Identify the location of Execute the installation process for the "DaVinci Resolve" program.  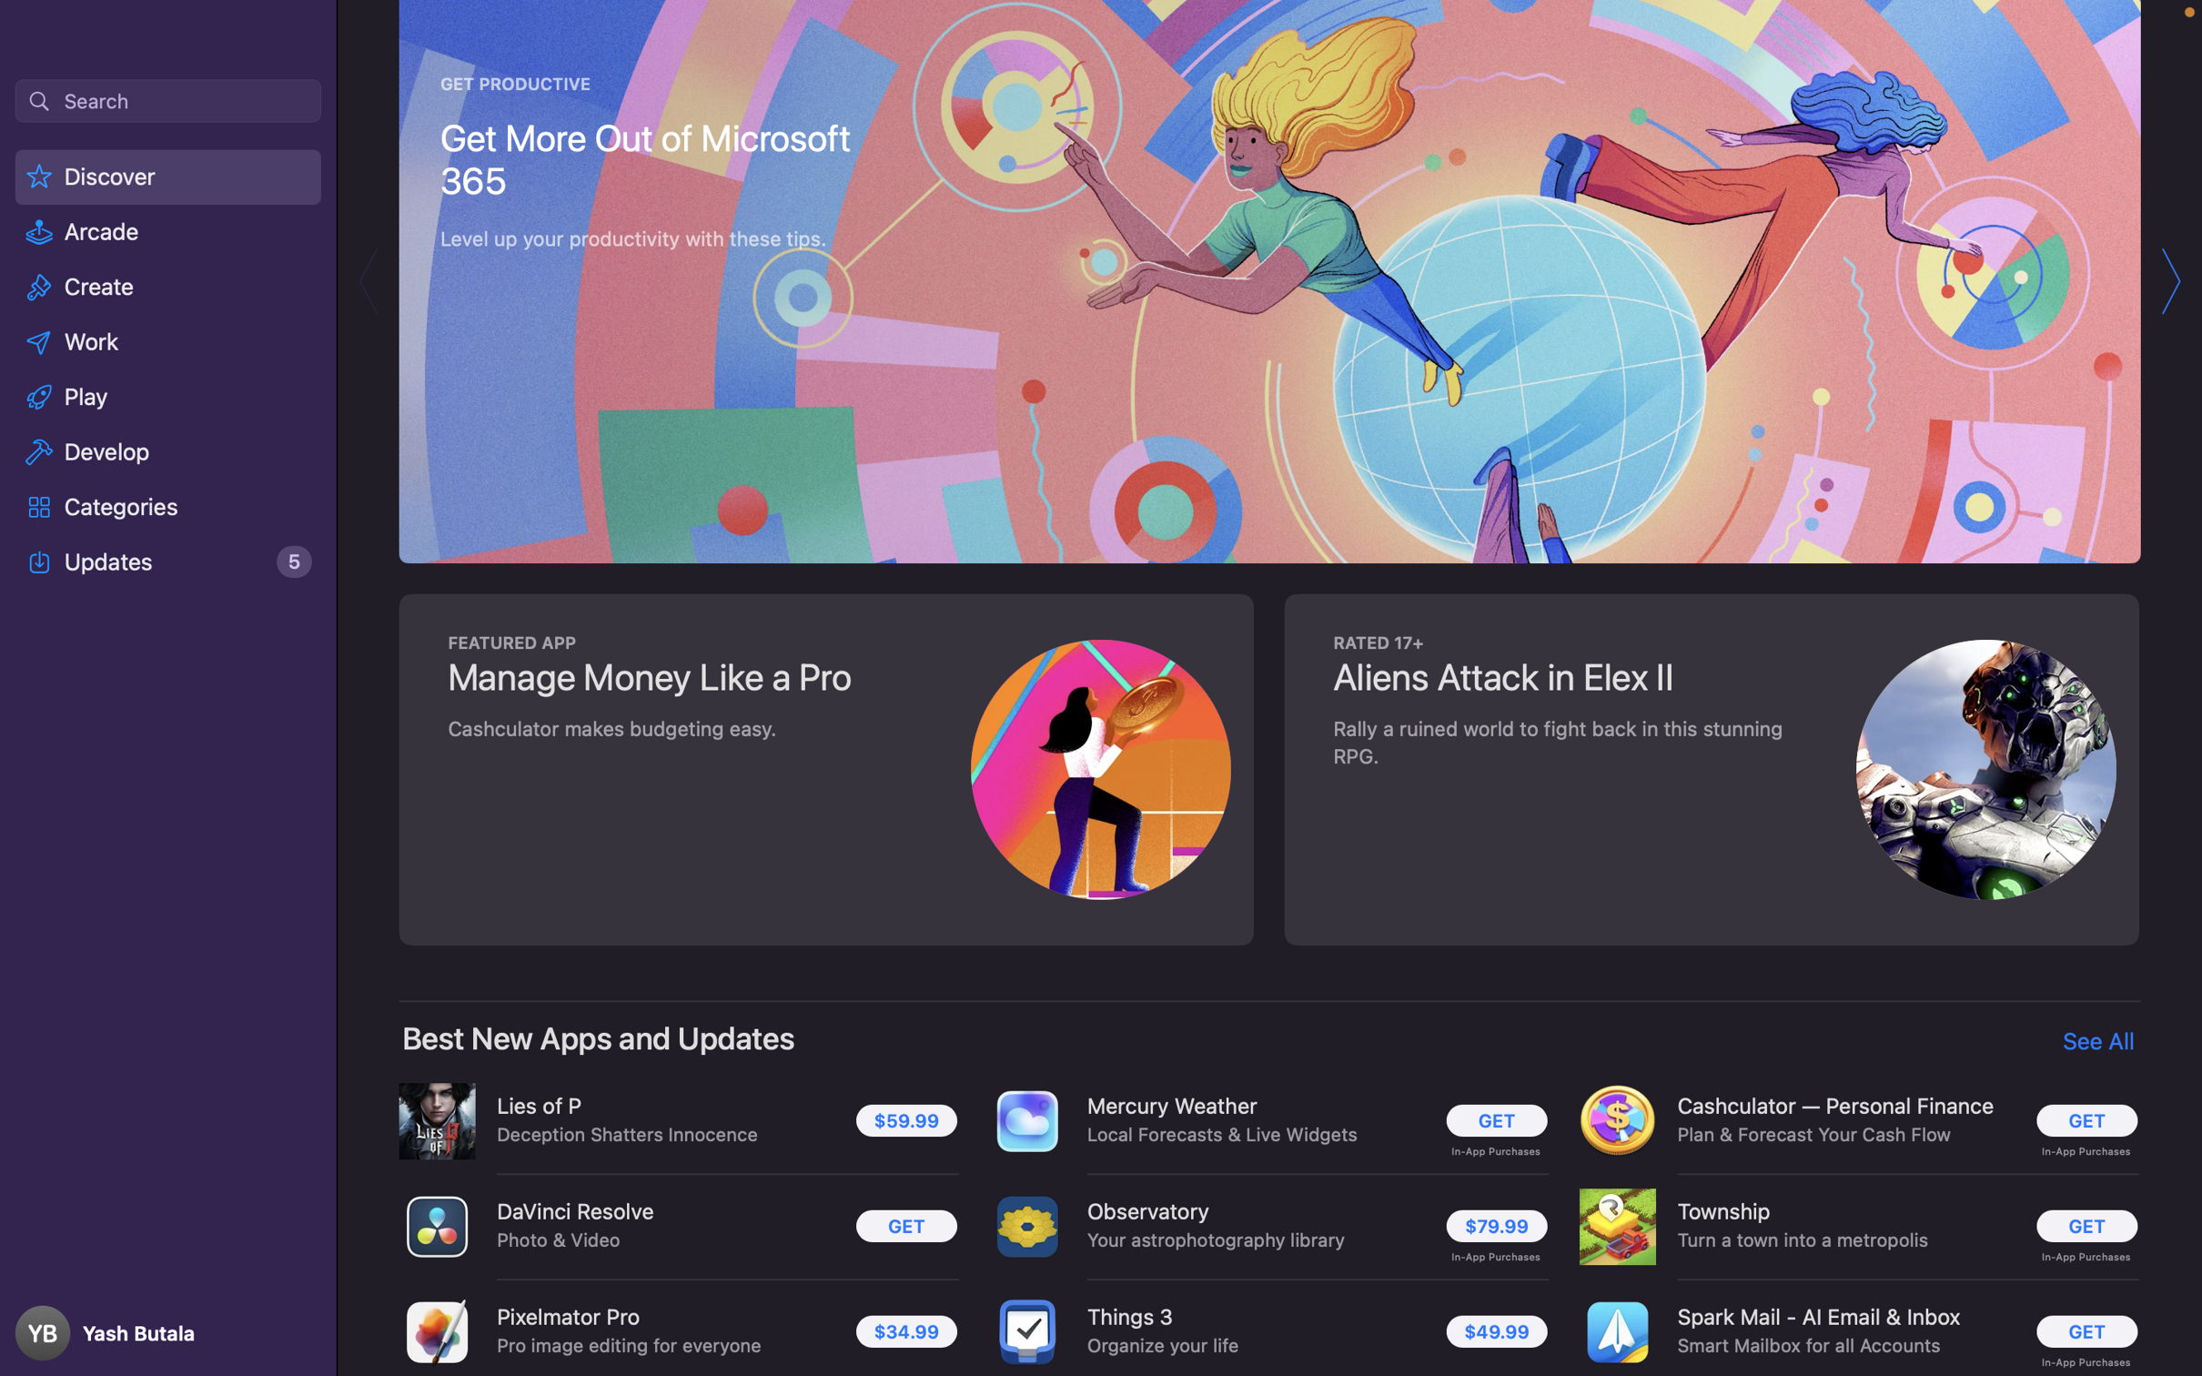
(902, 1226).